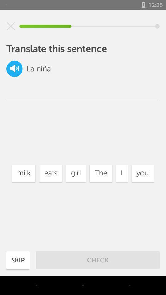  I want to click on the volume icon, so click(14, 69).